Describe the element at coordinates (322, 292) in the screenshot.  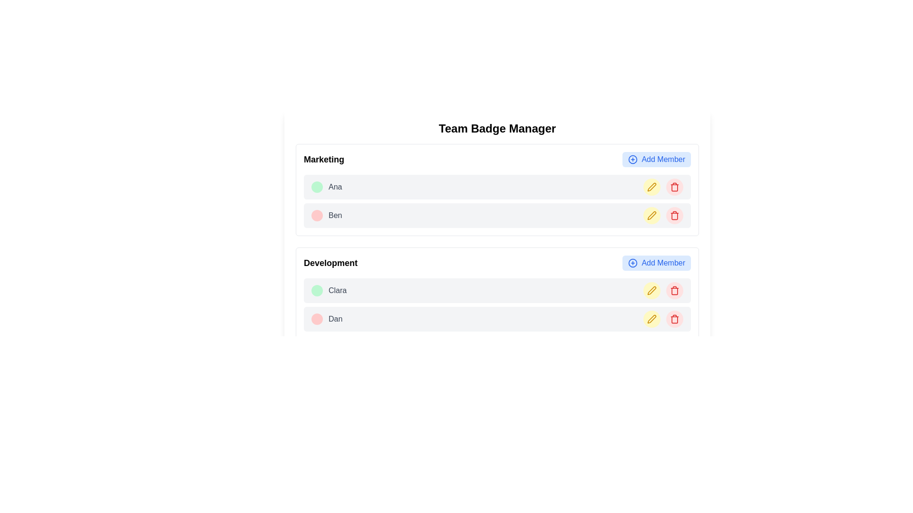
I see `the displayed status of the green circular badge associated with the user 'Clara' in the 'Development' section, located to the left of her name` at that location.